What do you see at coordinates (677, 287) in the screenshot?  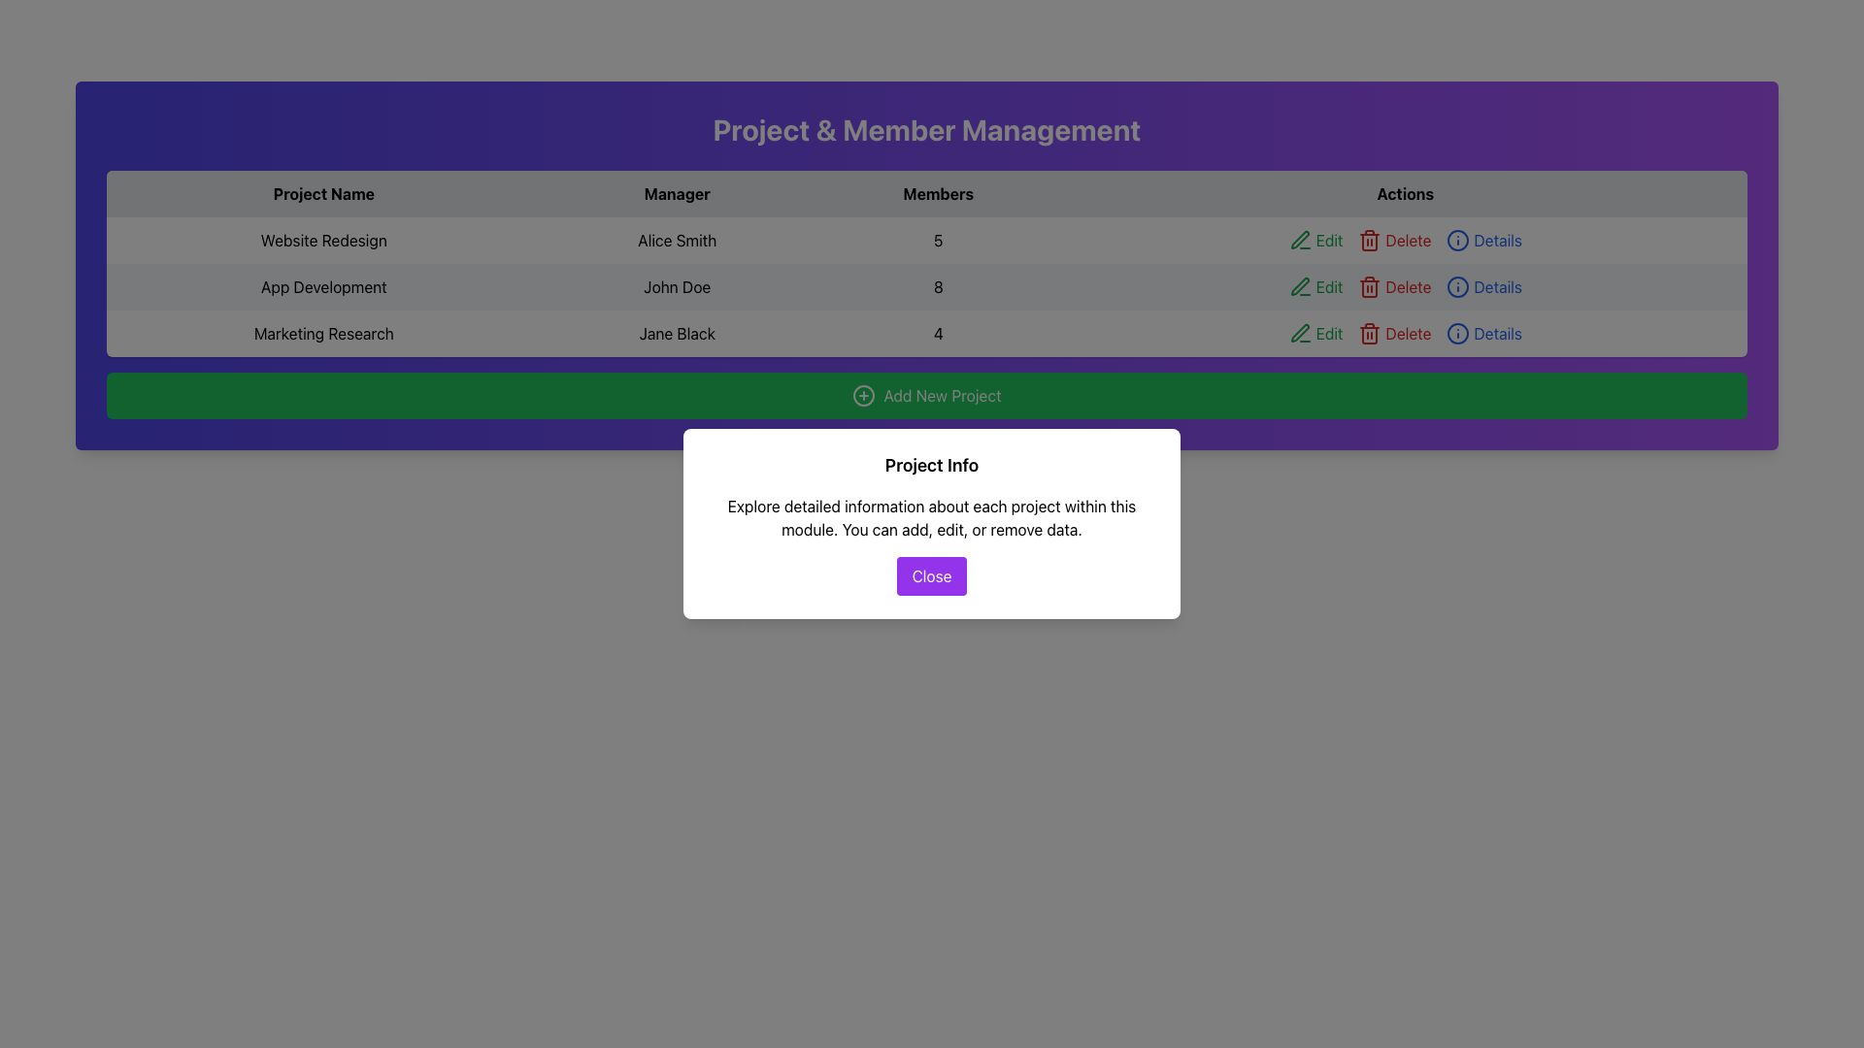 I see `the text label representing the manager's name in the second row of the table under the 'Manager' column, which is adjacent to 'App Development' on the left and '8' on the right` at bounding box center [677, 287].